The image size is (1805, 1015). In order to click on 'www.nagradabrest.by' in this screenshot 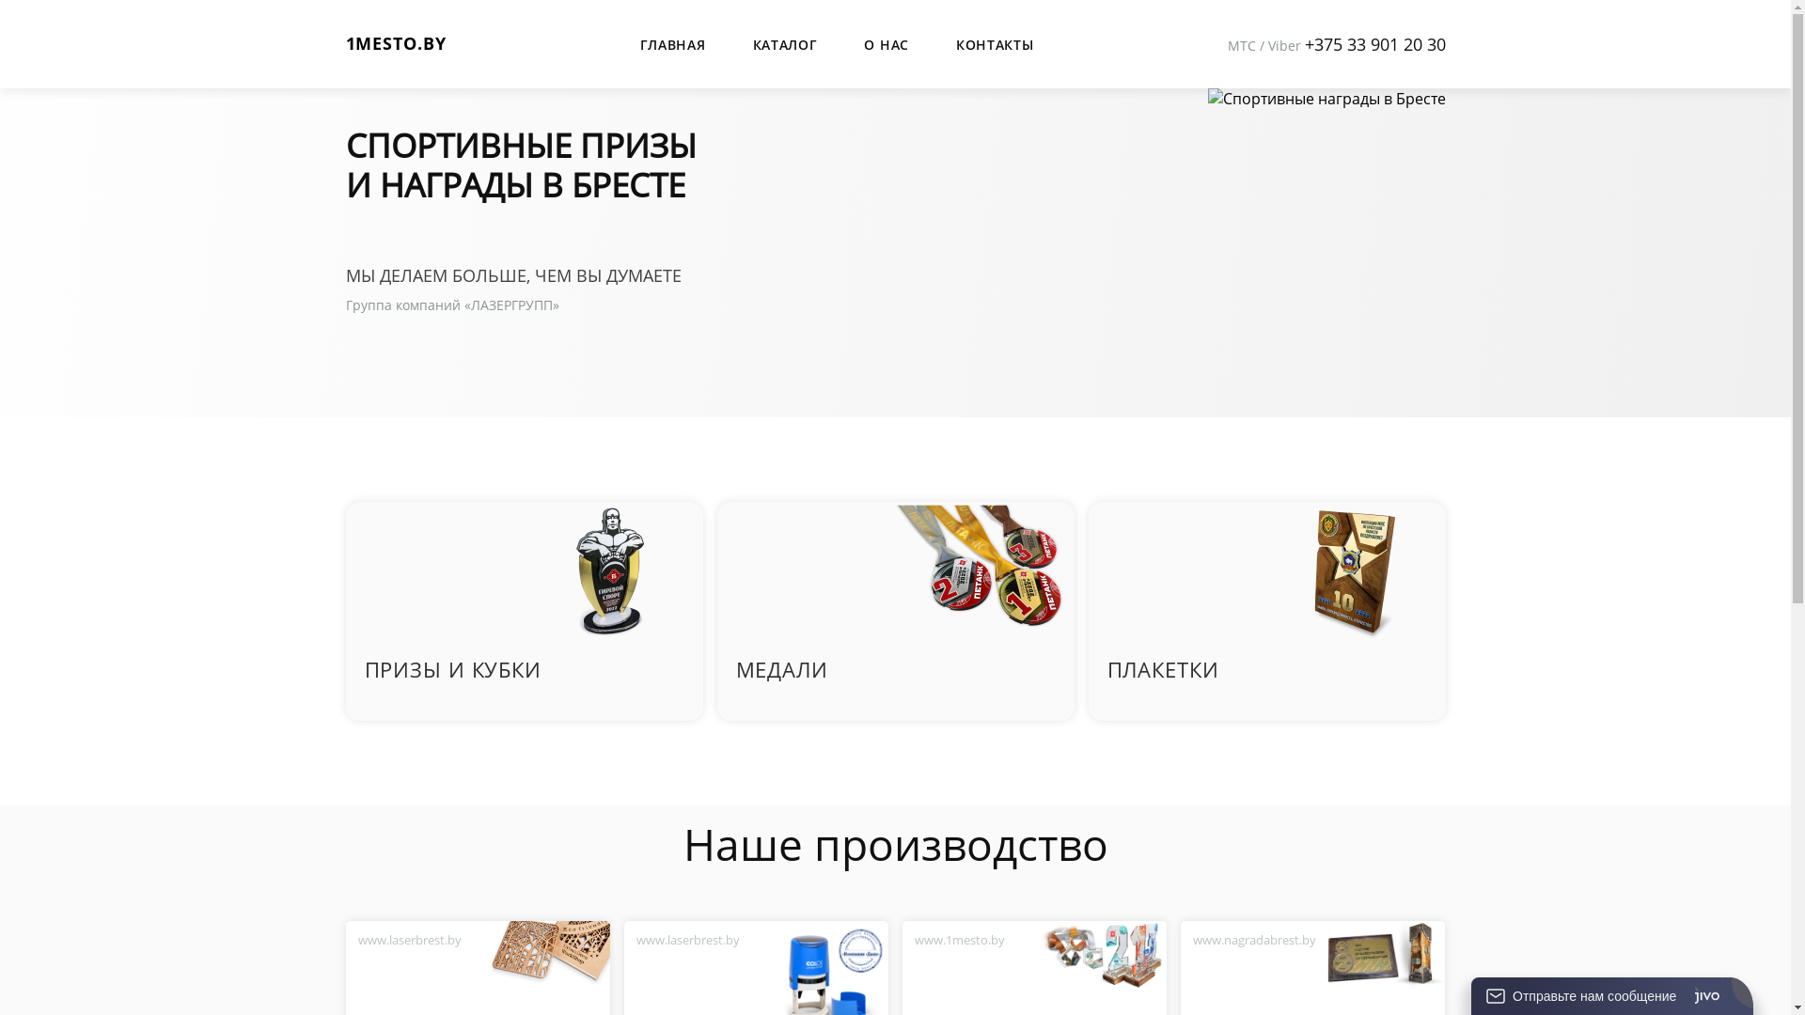, I will do `click(1254, 939)`.